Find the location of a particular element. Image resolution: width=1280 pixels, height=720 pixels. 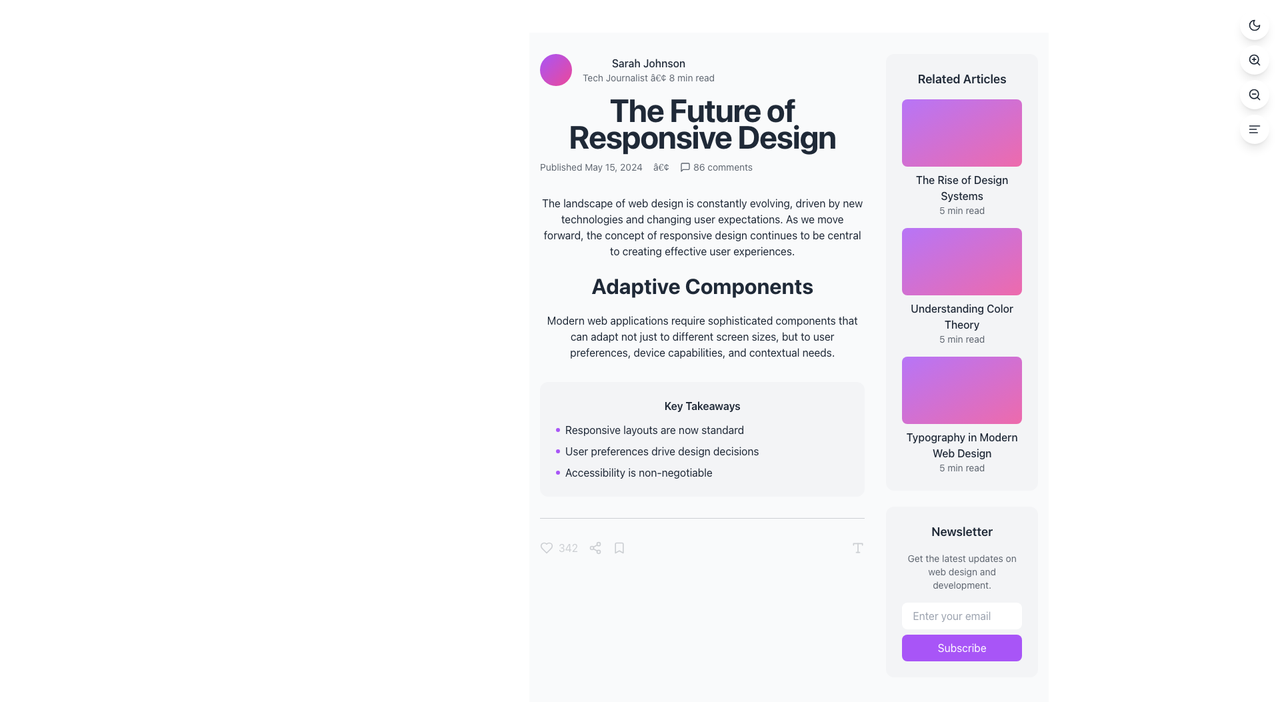

the text label displaying 'Sarah Johnson', which is styled in bold and positioned above additional details about the author's role and reading time is located at coordinates (649, 63).